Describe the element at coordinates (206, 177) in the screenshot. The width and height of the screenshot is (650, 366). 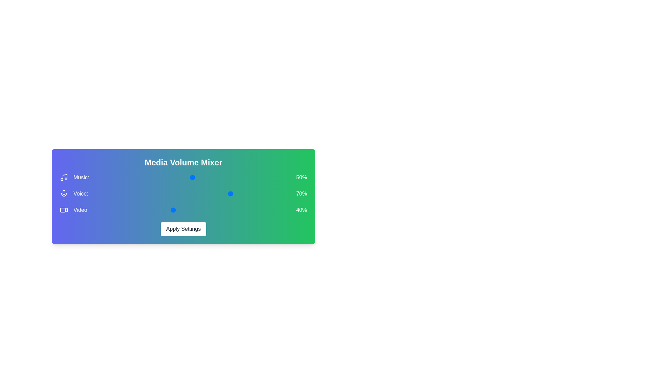
I see `the 0 volume to 14% by moving the corresponding slider` at that location.